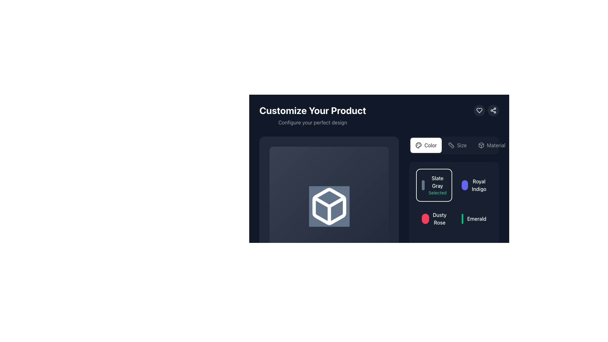 This screenshot has height=342, width=608. Describe the element at coordinates (479, 110) in the screenshot. I see `the heart-shaped icon located in the upper right corner of the interface` at that location.